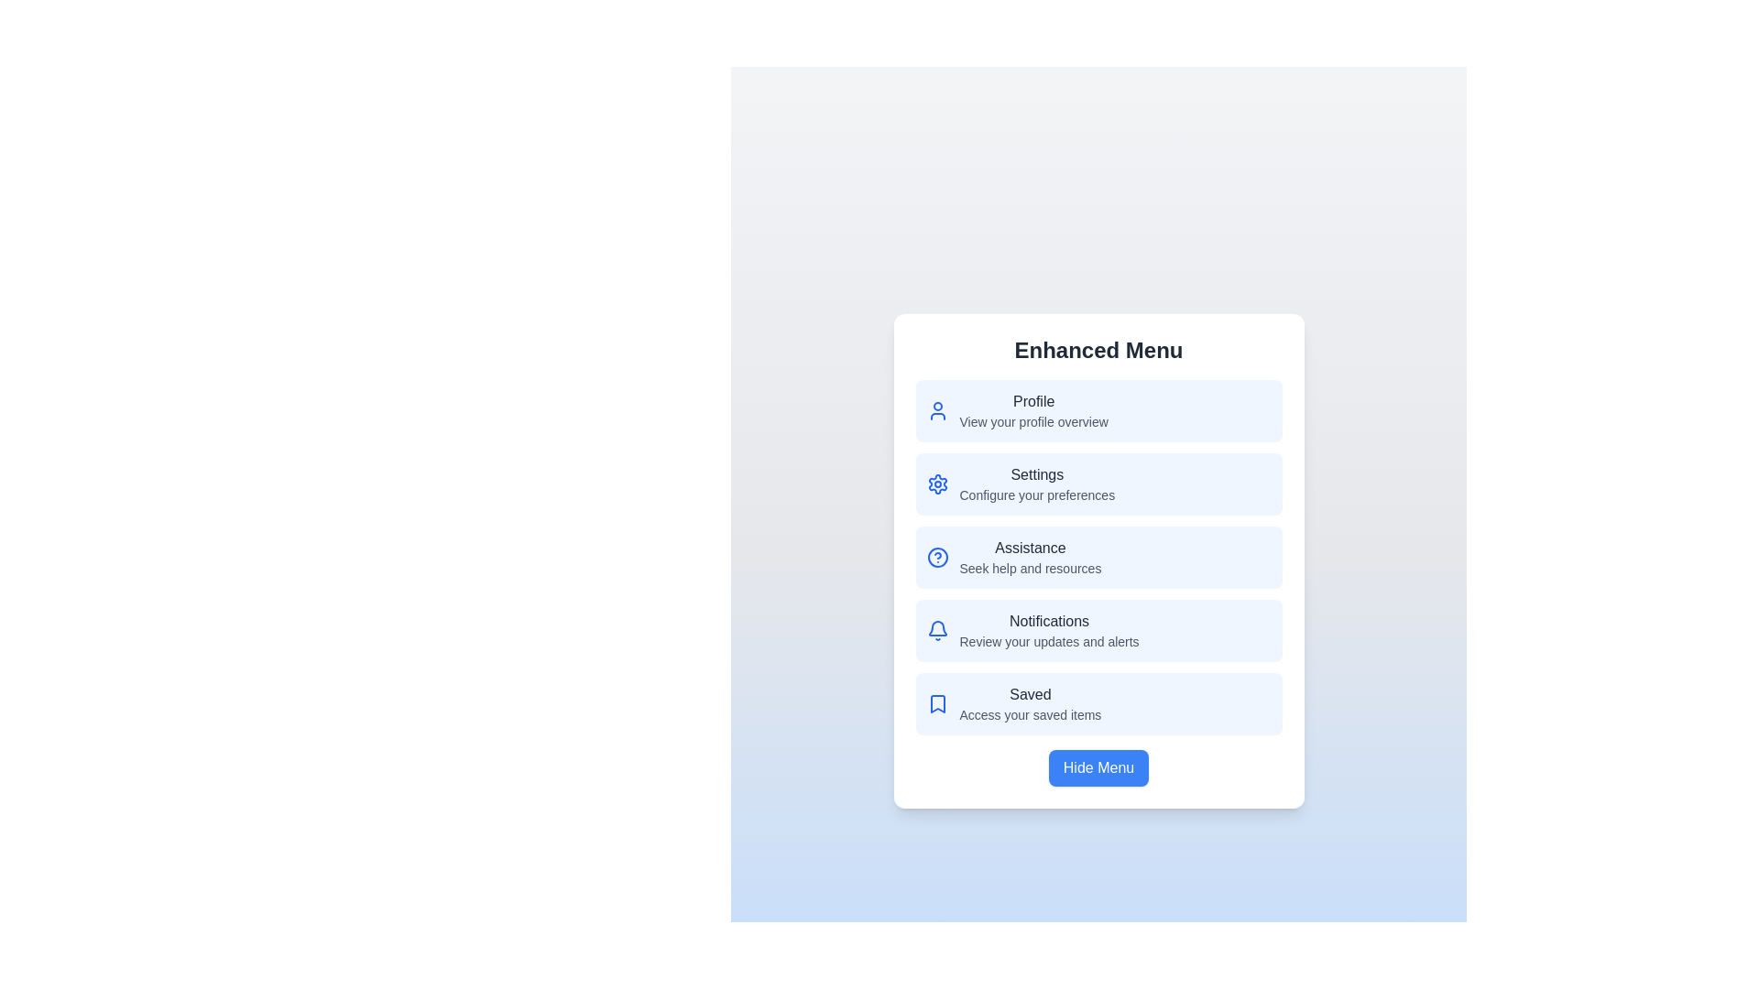  I want to click on the menu item labeled Profile to see its hover effect, so click(1098, 409).